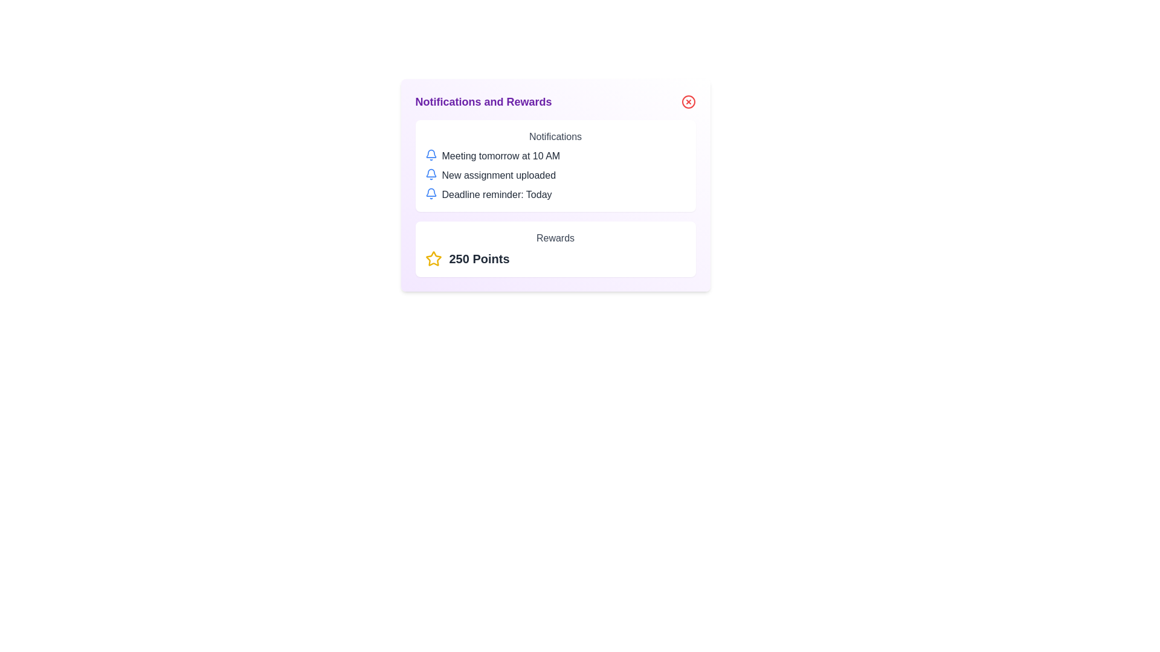 This screenshot has width=1160, height=652. Describe the element at coordinates (431, 193) in the screenshot. I see `the blue bell-shaped icon located beside the text 'Deadline reminder: Today' in the notifications section` at that location.